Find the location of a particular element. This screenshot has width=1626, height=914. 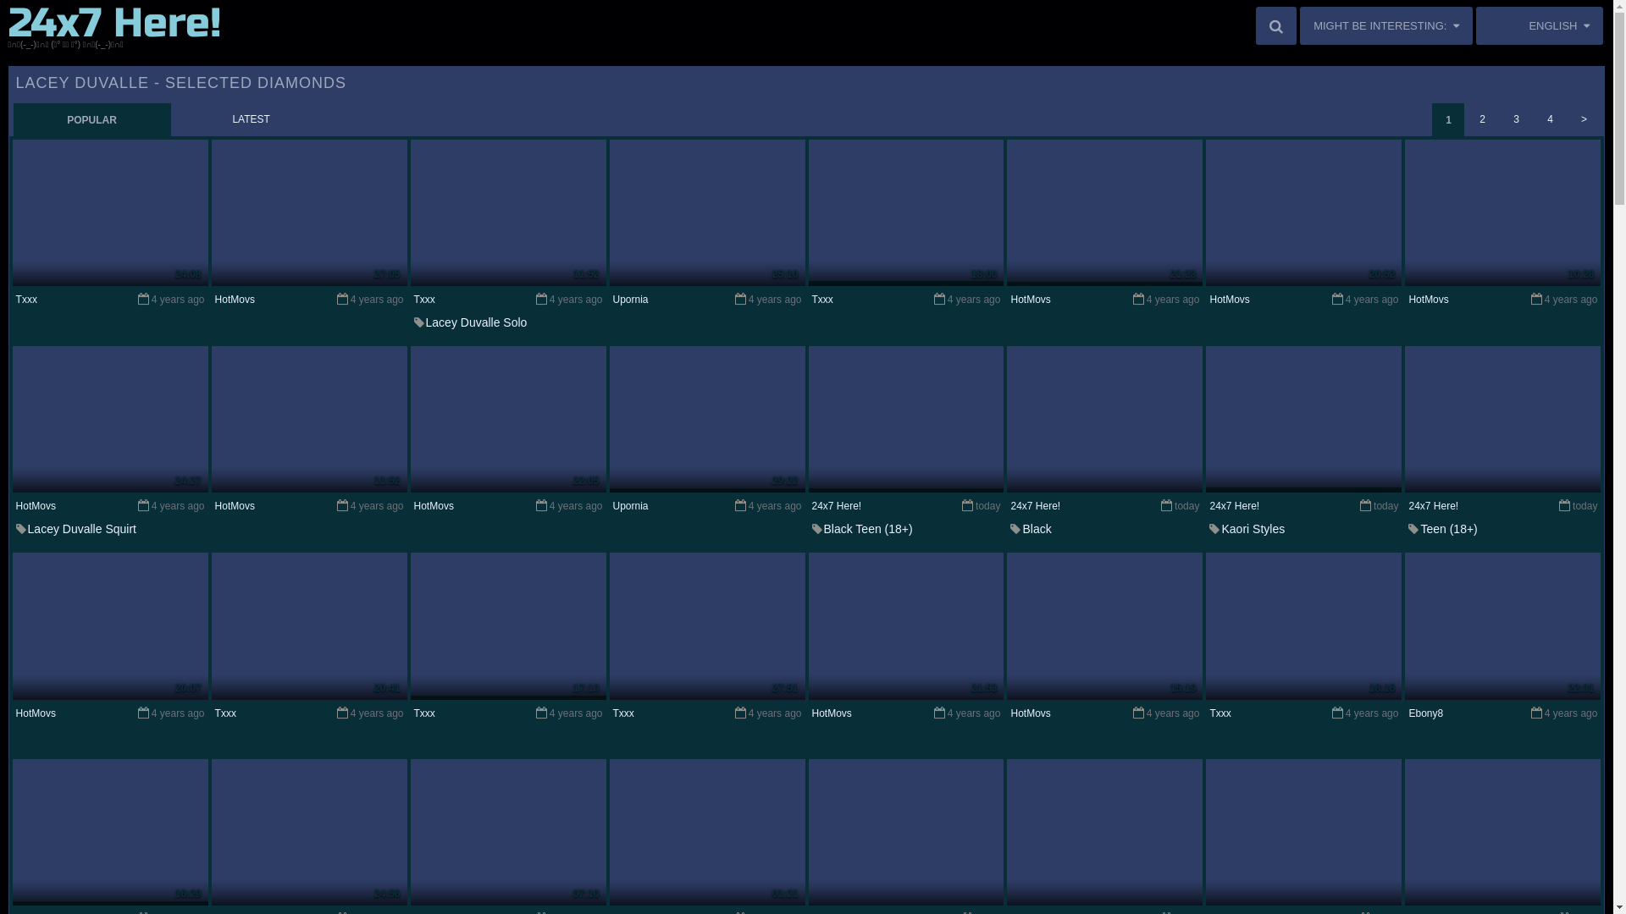

'Ebony8' is located at coordinates (1408, 713).